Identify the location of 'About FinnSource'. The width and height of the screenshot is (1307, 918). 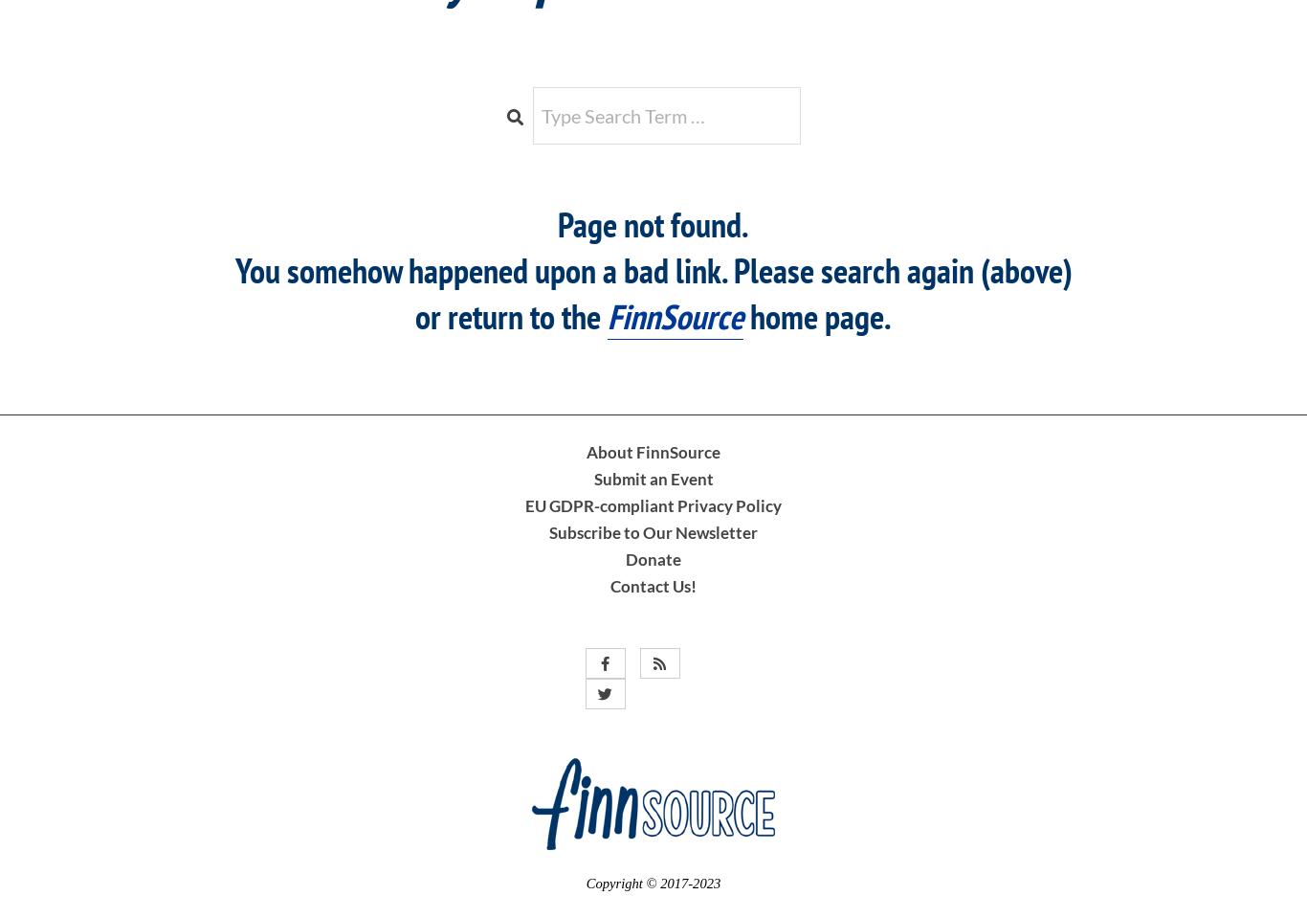
(653, 450).